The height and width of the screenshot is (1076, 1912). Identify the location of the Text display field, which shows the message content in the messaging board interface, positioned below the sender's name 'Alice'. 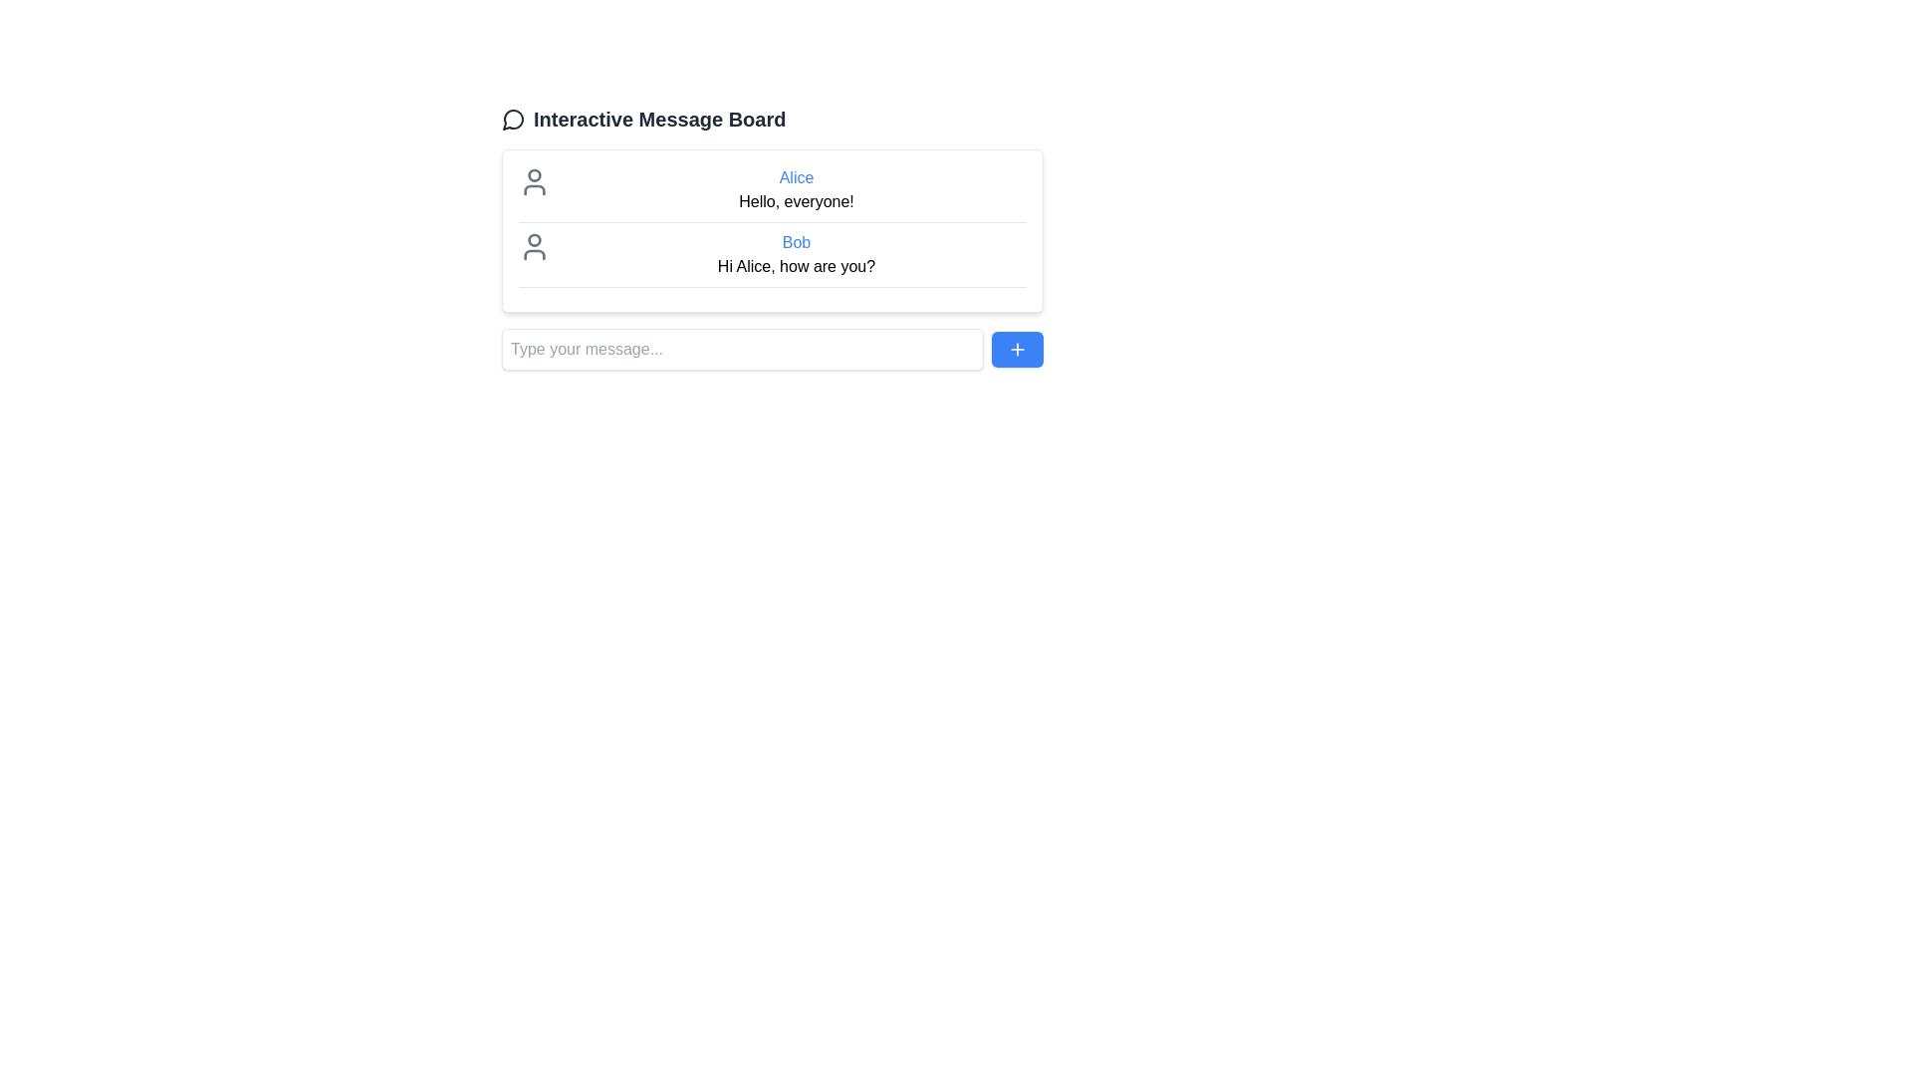
(797, 202).